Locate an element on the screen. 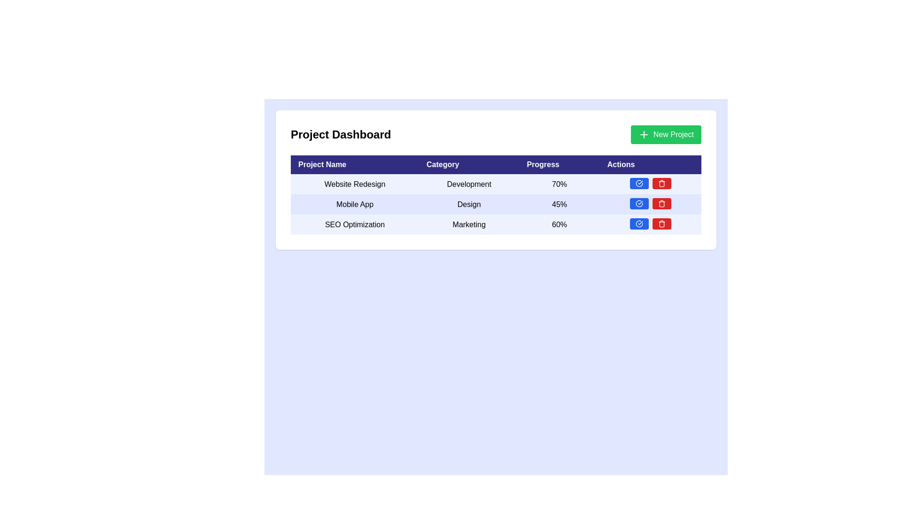  text 'Development' displayed in the Text Display Cell located in the second column of the first row of the main table within the 'Project Dashboard' section is located at coordinates (469, 184).